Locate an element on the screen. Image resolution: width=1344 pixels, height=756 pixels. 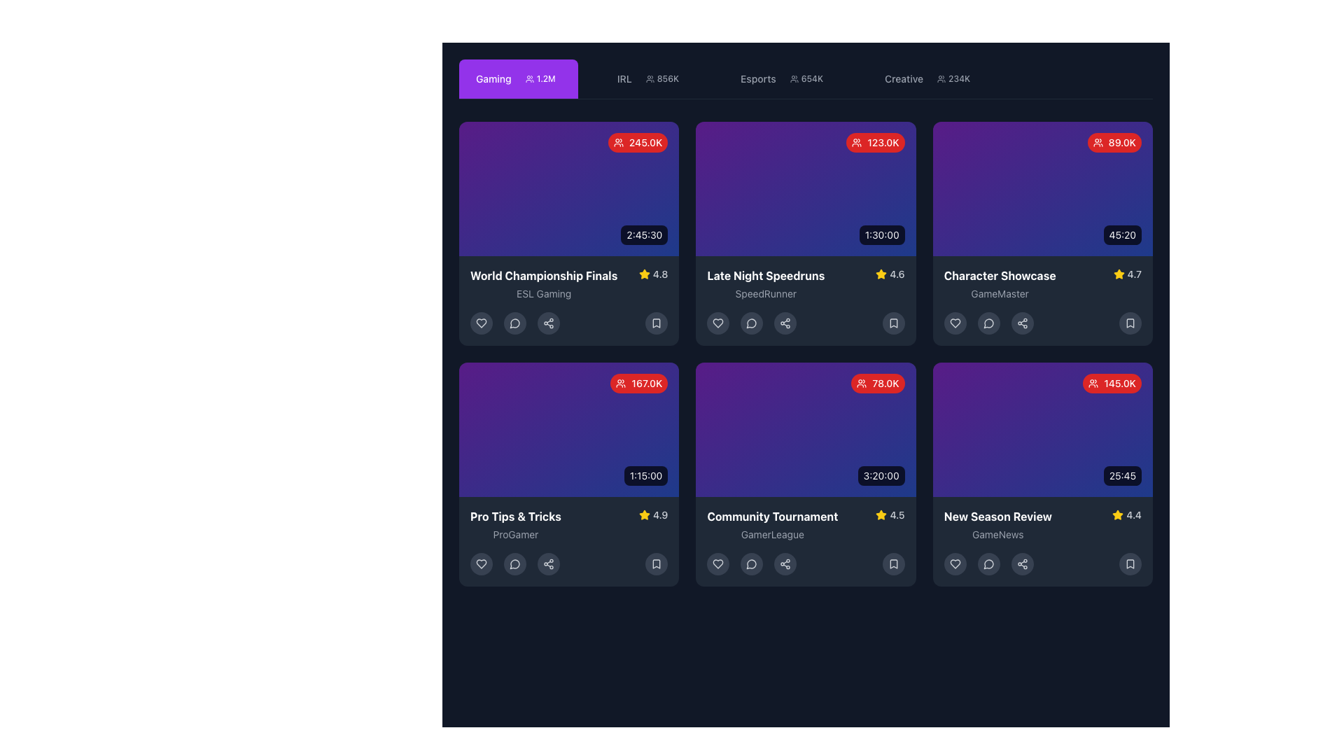
the non-interactive text label displaying the creator or participant's name in the 'Character Showcase' card, located at the bottom section of the card, directly below the title is located at coordinates (999, 293).